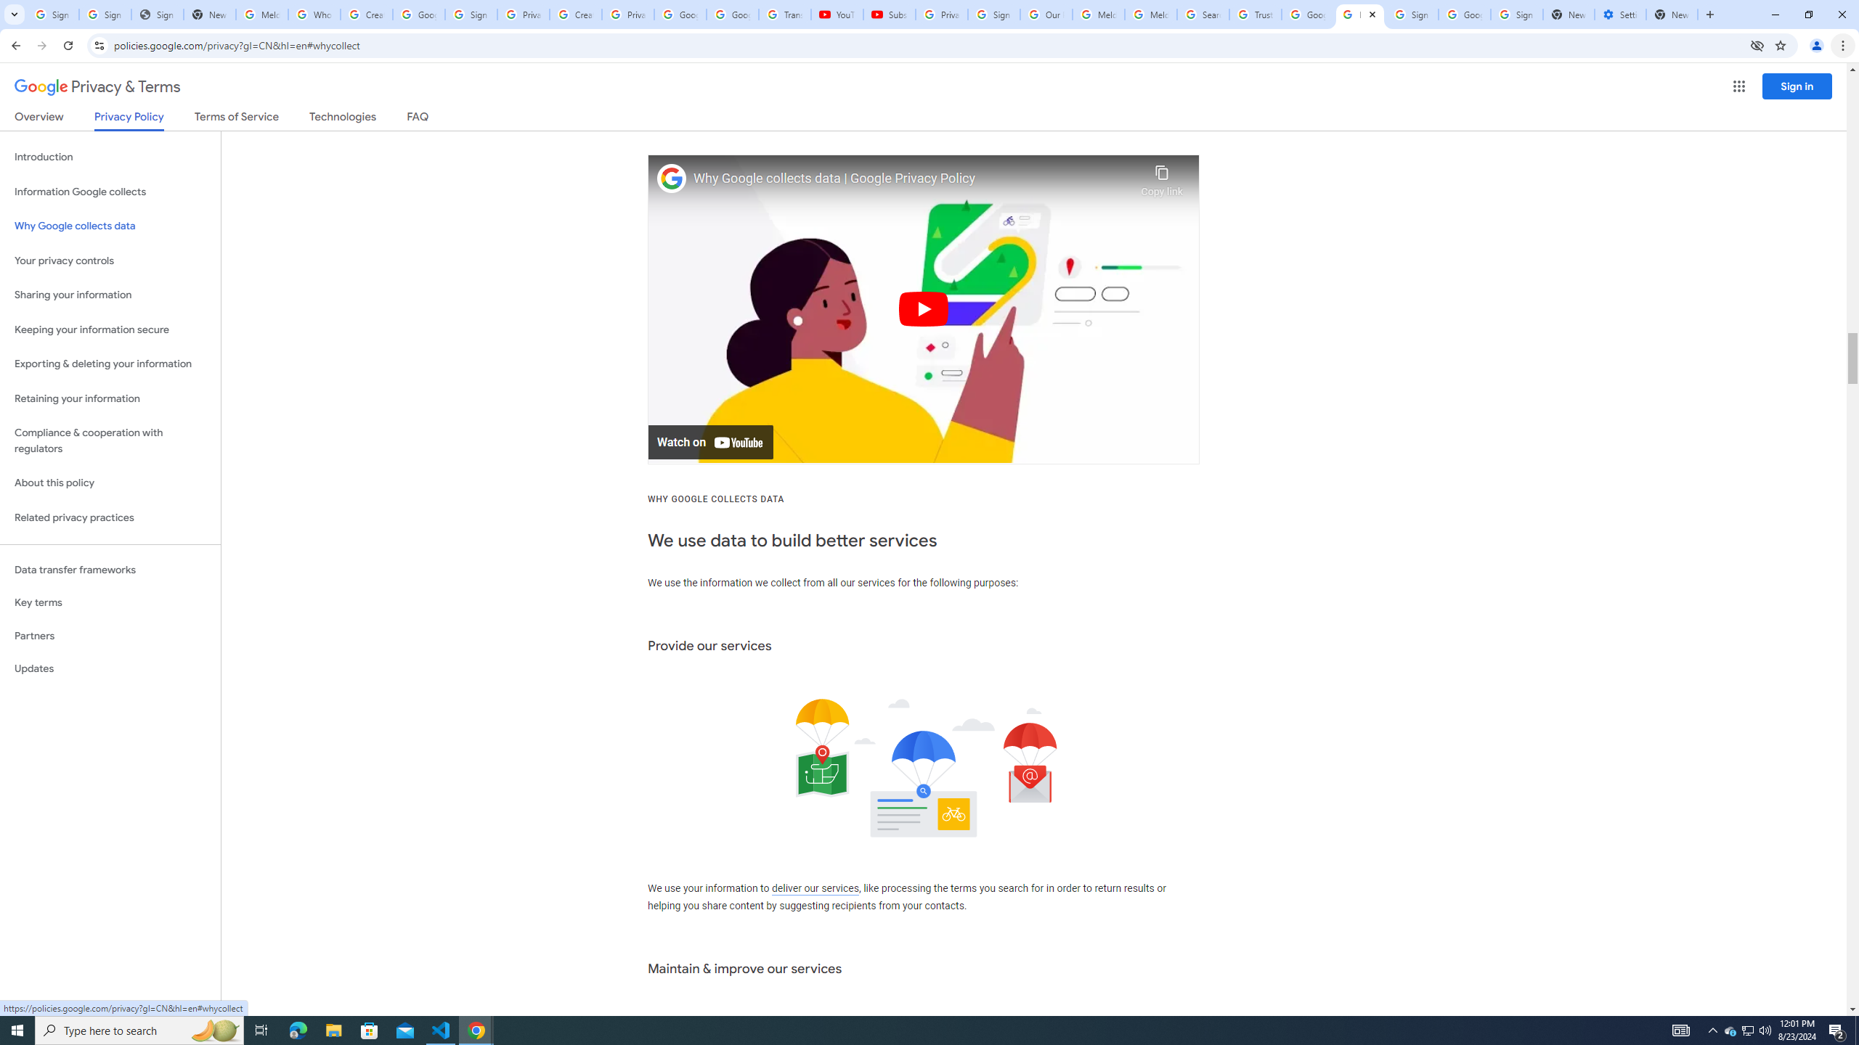 This screenshot has width=1859, height=1045. Describe the element at coordinates (1255, 14) in the screenshot. I see `'Trusted Information and Content - Google Safety Center'` at that location.